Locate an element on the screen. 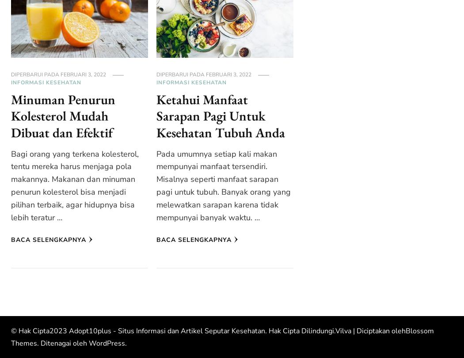 This screenshot has height=358, width=464. '© Hak Cipta2023' is located at coordinates (40, 330).